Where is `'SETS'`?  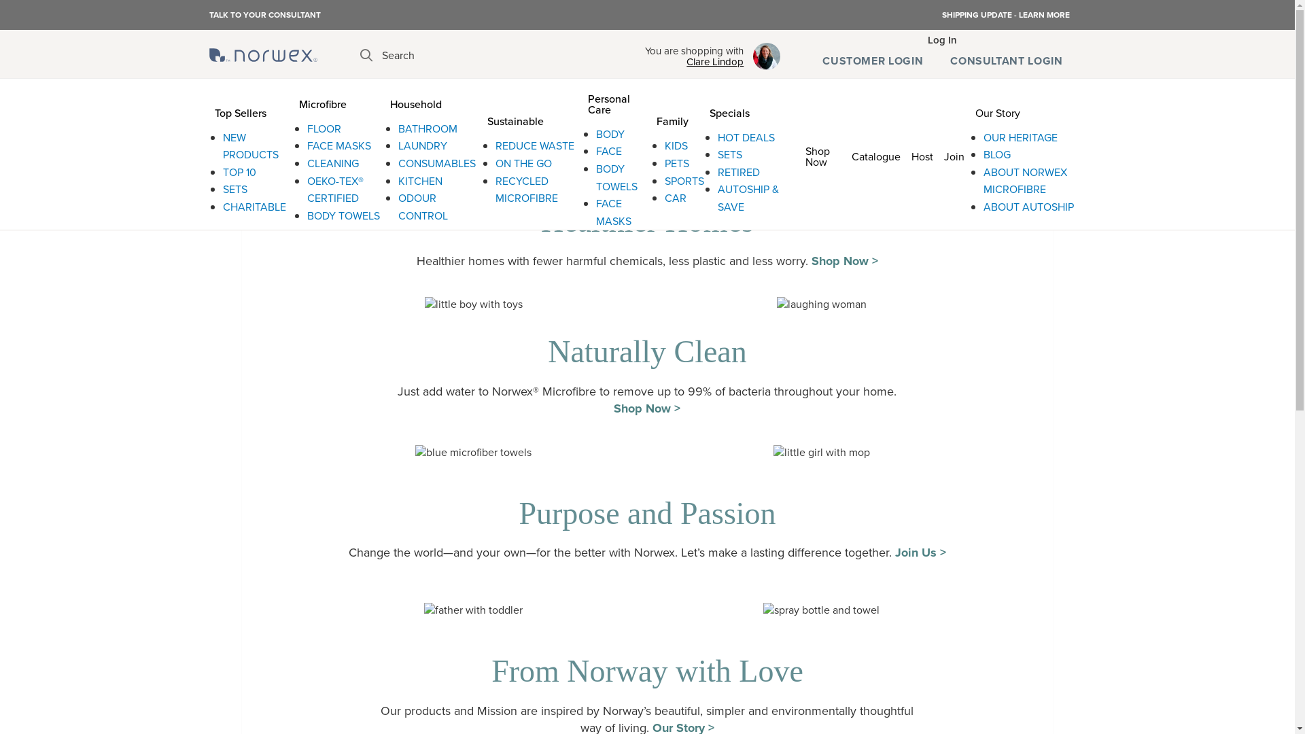
'SETS' is located at coordinates (729, 154).